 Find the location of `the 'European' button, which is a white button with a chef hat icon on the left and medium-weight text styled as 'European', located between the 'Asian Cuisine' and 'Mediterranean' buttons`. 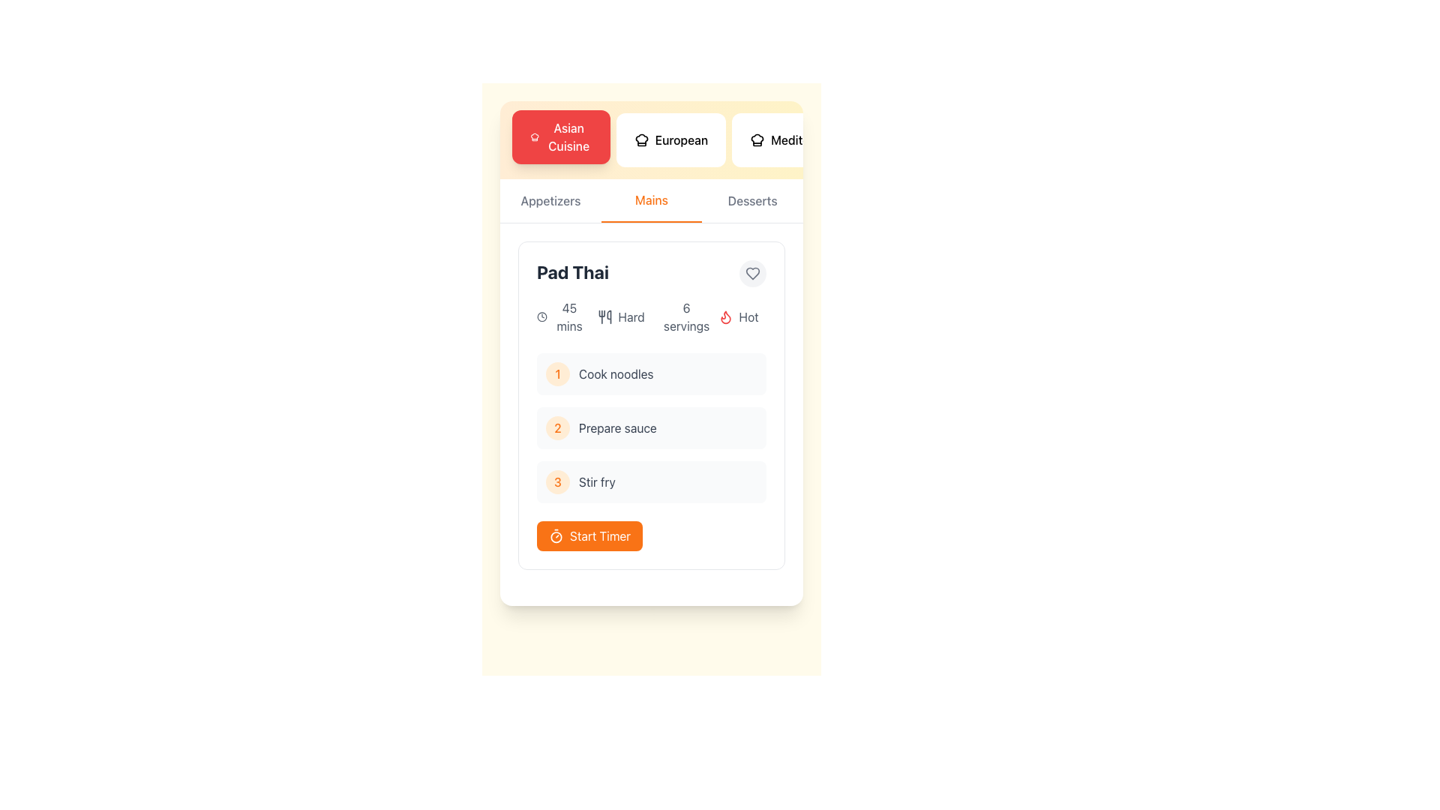

the 'European' button, which is a white button with a chef hat icon on the left and medium-weight text styled as 'European', located between the 'Asian Cuisine' and 'Mediterranean' buttons is located at coordinates (670, 139).